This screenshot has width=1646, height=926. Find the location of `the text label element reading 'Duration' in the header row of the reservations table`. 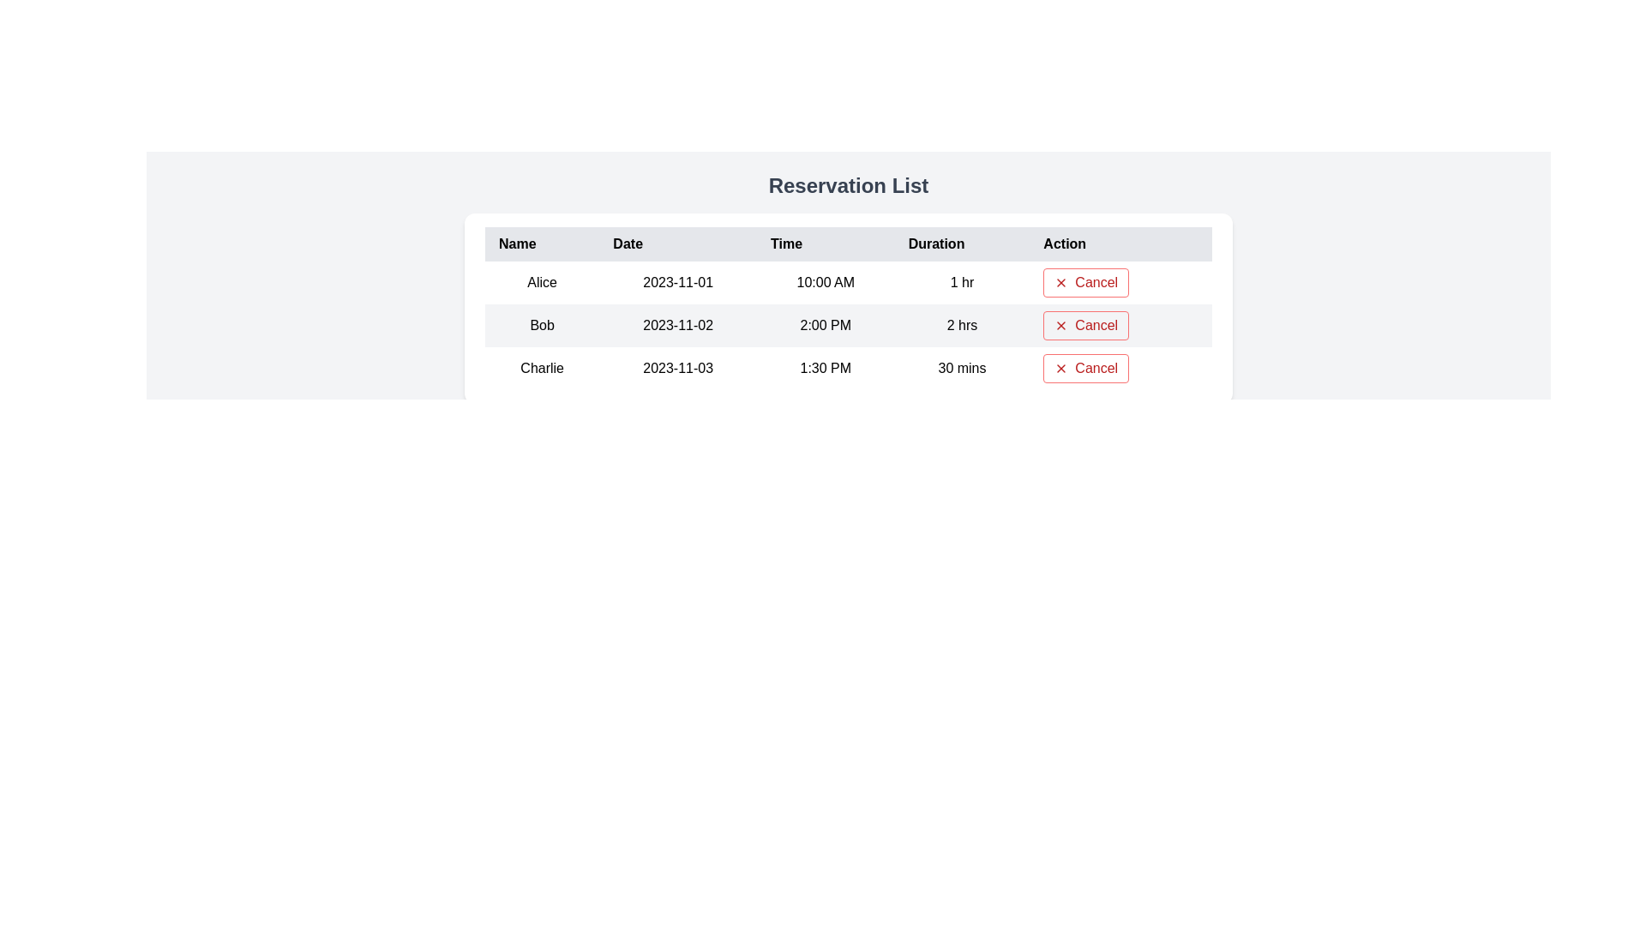

the text label element reading 'Duration' in the header row of the reservations table is located at coordinates (962, 244).